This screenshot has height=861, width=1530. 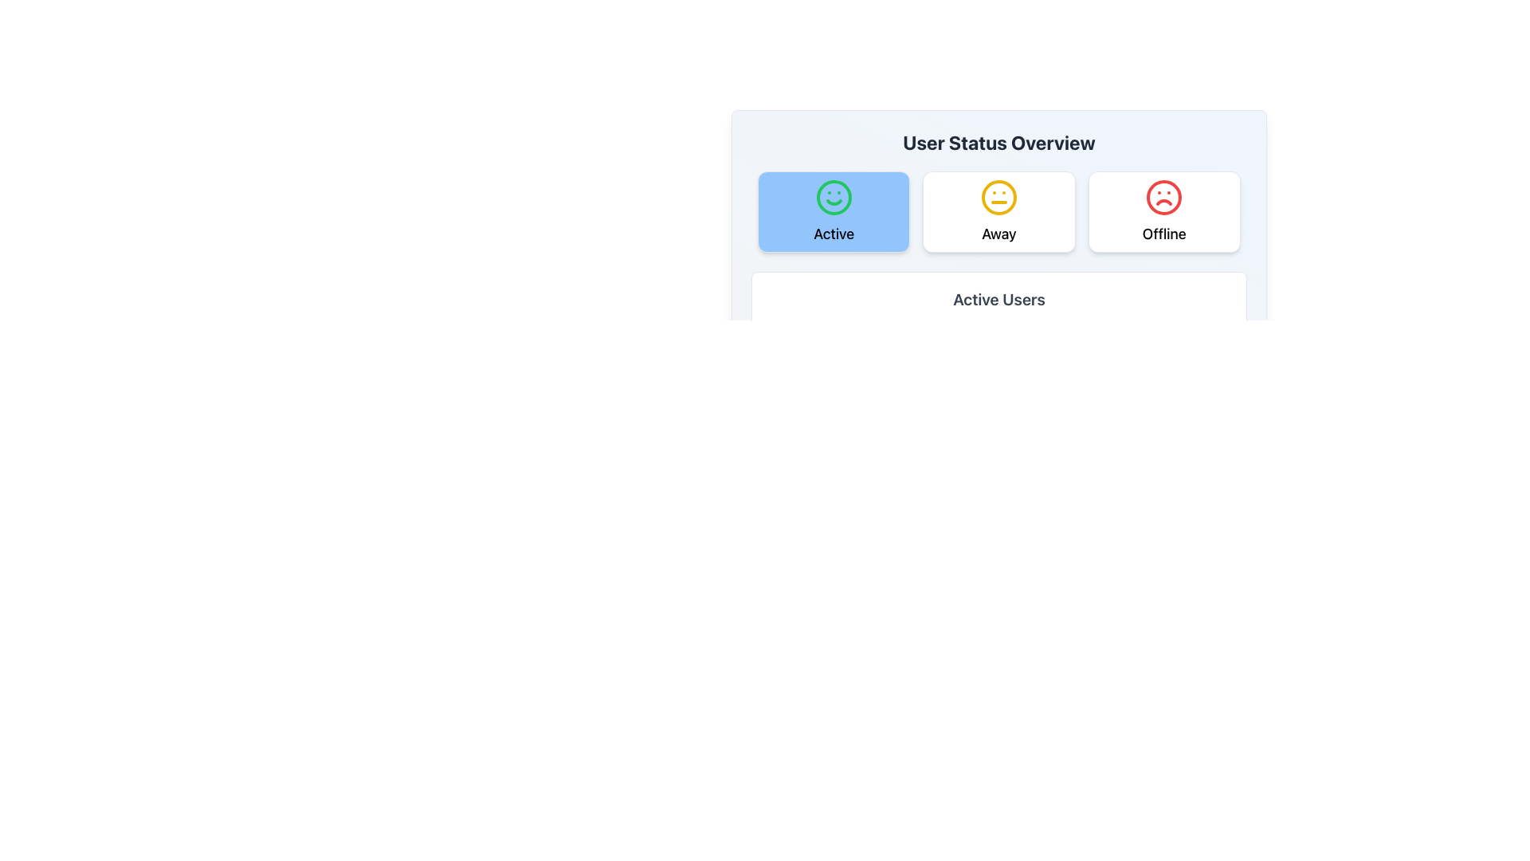 I want to click on the 'User Status Overview' panel, which features a gradient background and contains selectable status options and an 'Active Users' section, so click(x=998, y=242).